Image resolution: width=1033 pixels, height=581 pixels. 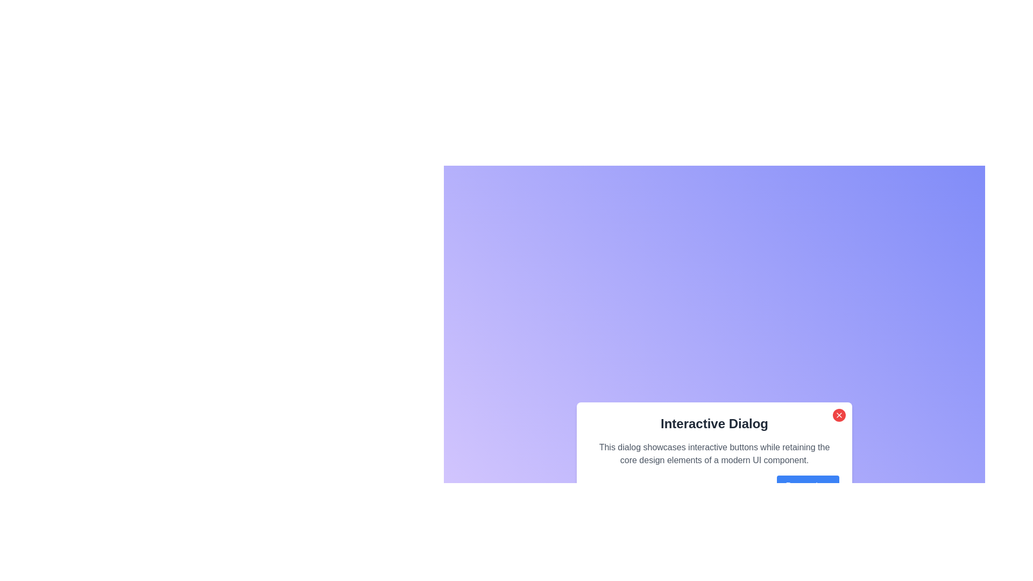 What do you see at coordinates (839, 414) in the screenshot?
I see `the close button located at the top-right corner of the dialog box to trigger its hover state` at bounding box center [839, 414].